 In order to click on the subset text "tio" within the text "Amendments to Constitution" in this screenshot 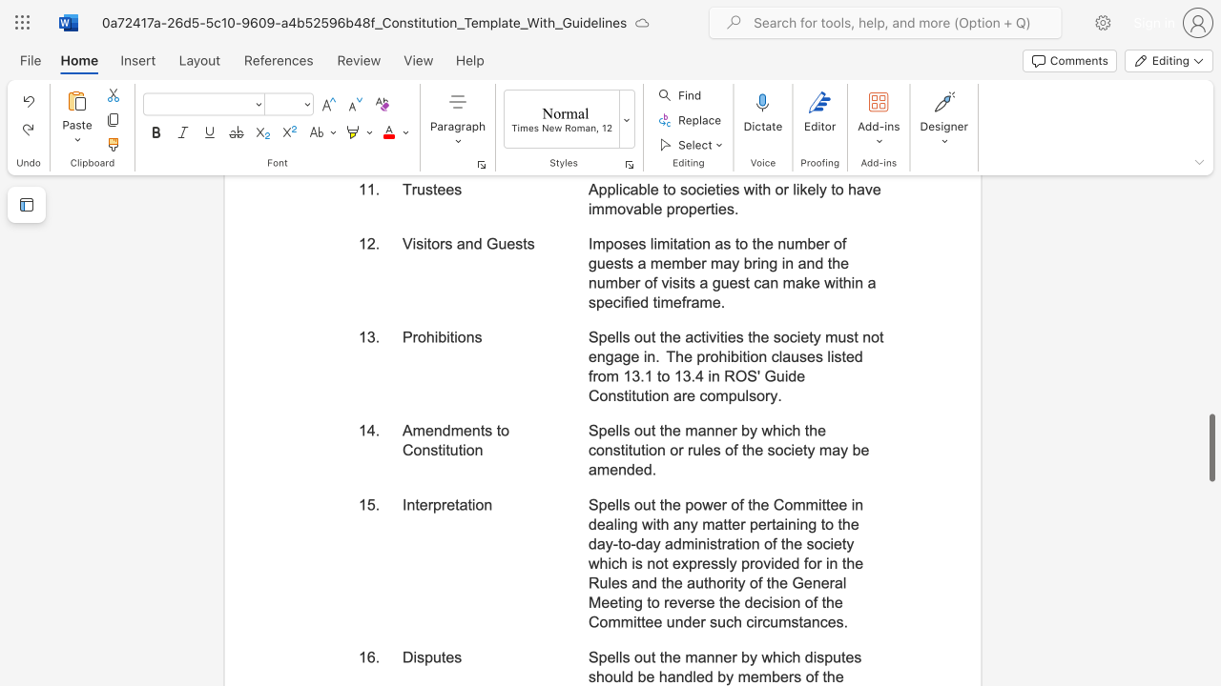, I will do `click(458, 450)`.